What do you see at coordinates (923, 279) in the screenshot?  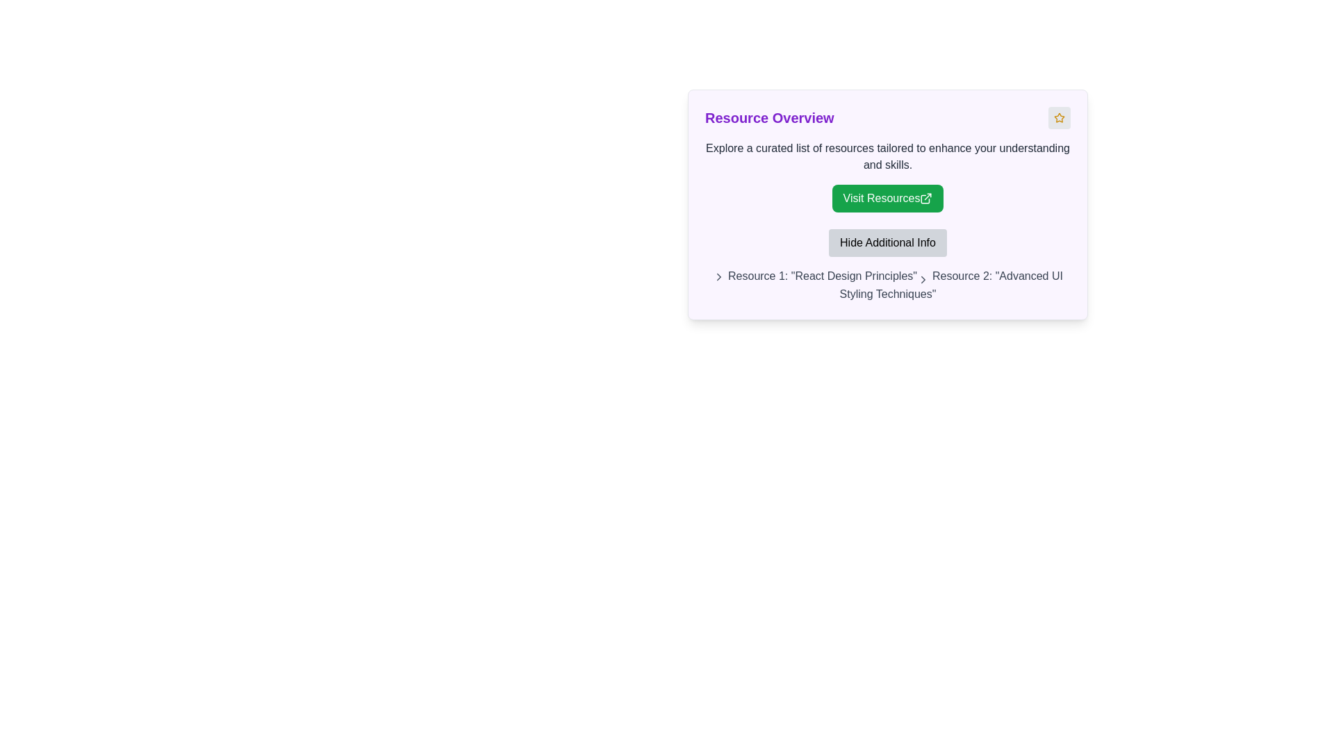 I see `the rightward chevron SVG icon located to the left of the text 'Resource 1: React Design Principles'` at bounding box center [923, 279].